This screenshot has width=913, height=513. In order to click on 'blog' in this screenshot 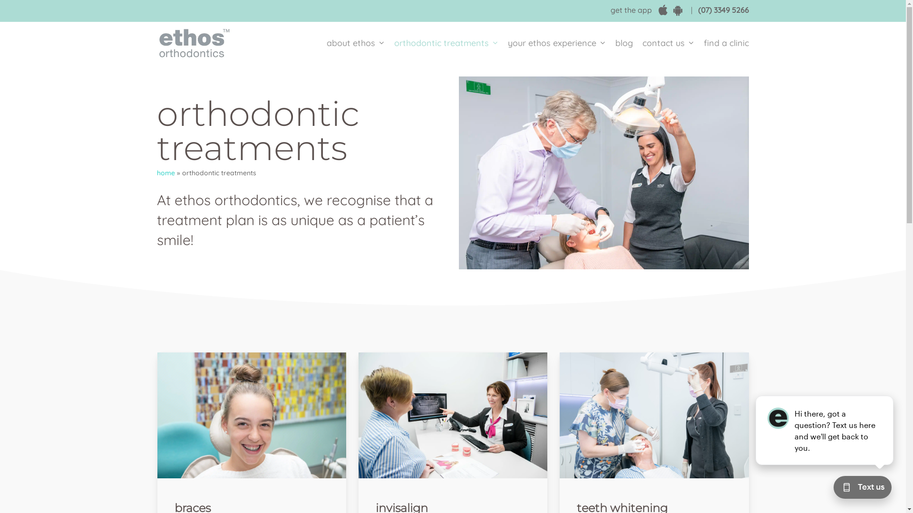, I will do `click(624, 43)`.